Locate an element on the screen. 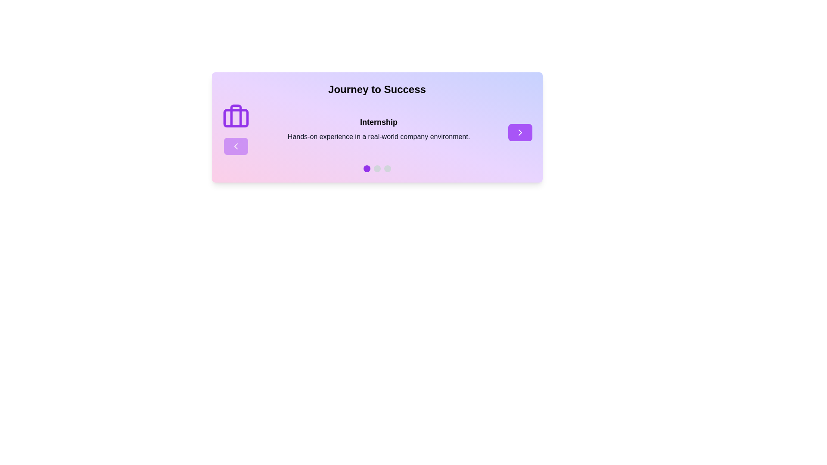  the left-facing chevron icon located within a circular button with a violet fill by is located at coordinates (236, 146).